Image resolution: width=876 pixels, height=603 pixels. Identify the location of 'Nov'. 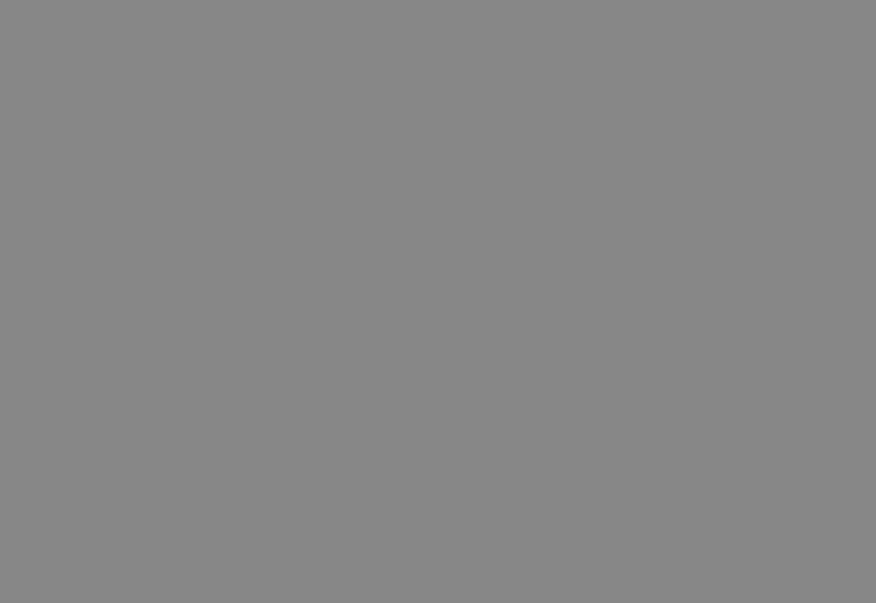
(105, 548).